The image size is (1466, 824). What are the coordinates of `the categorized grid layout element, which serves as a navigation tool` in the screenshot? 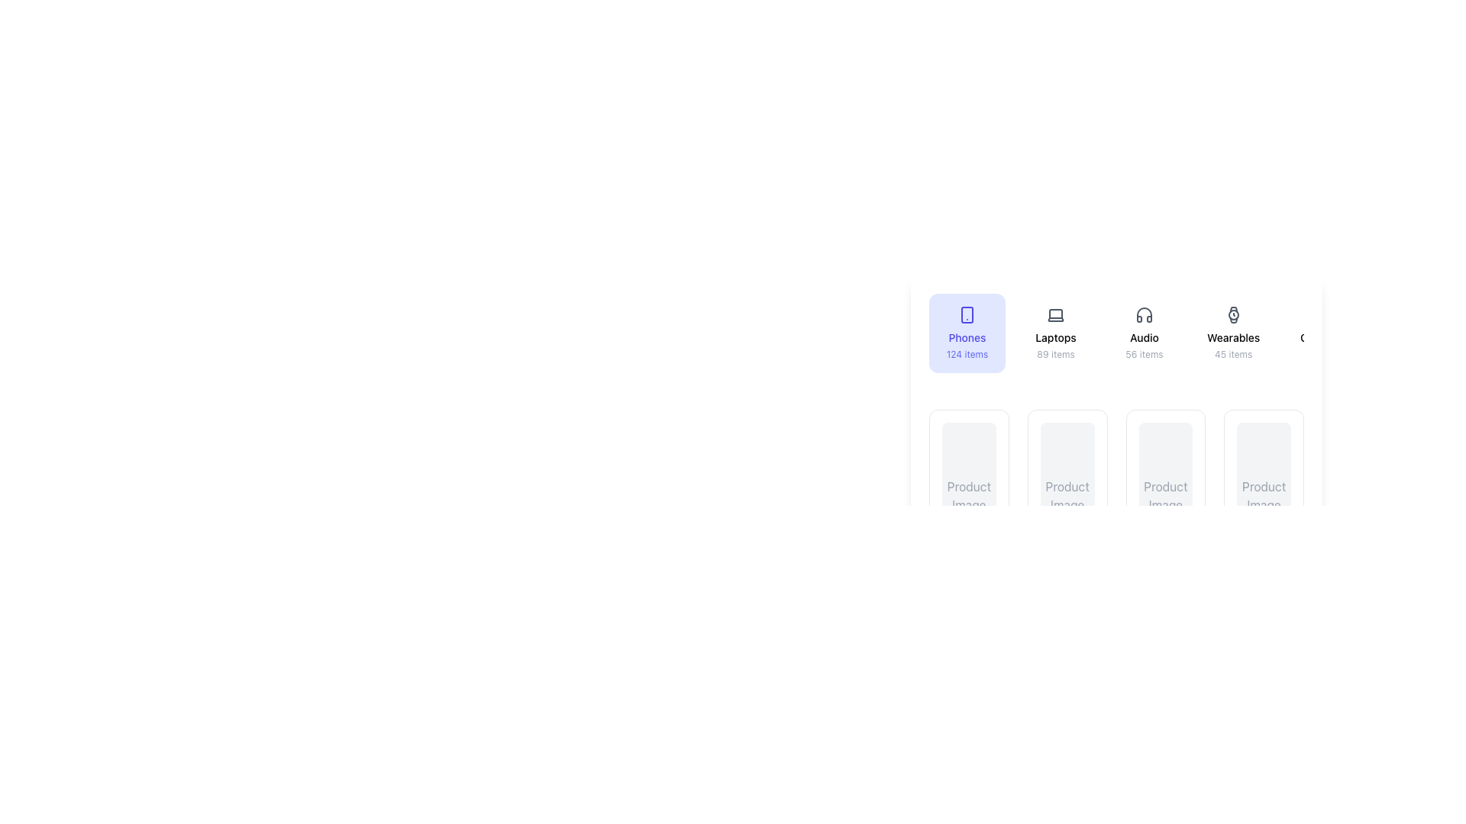 It's located at (1116, 381).